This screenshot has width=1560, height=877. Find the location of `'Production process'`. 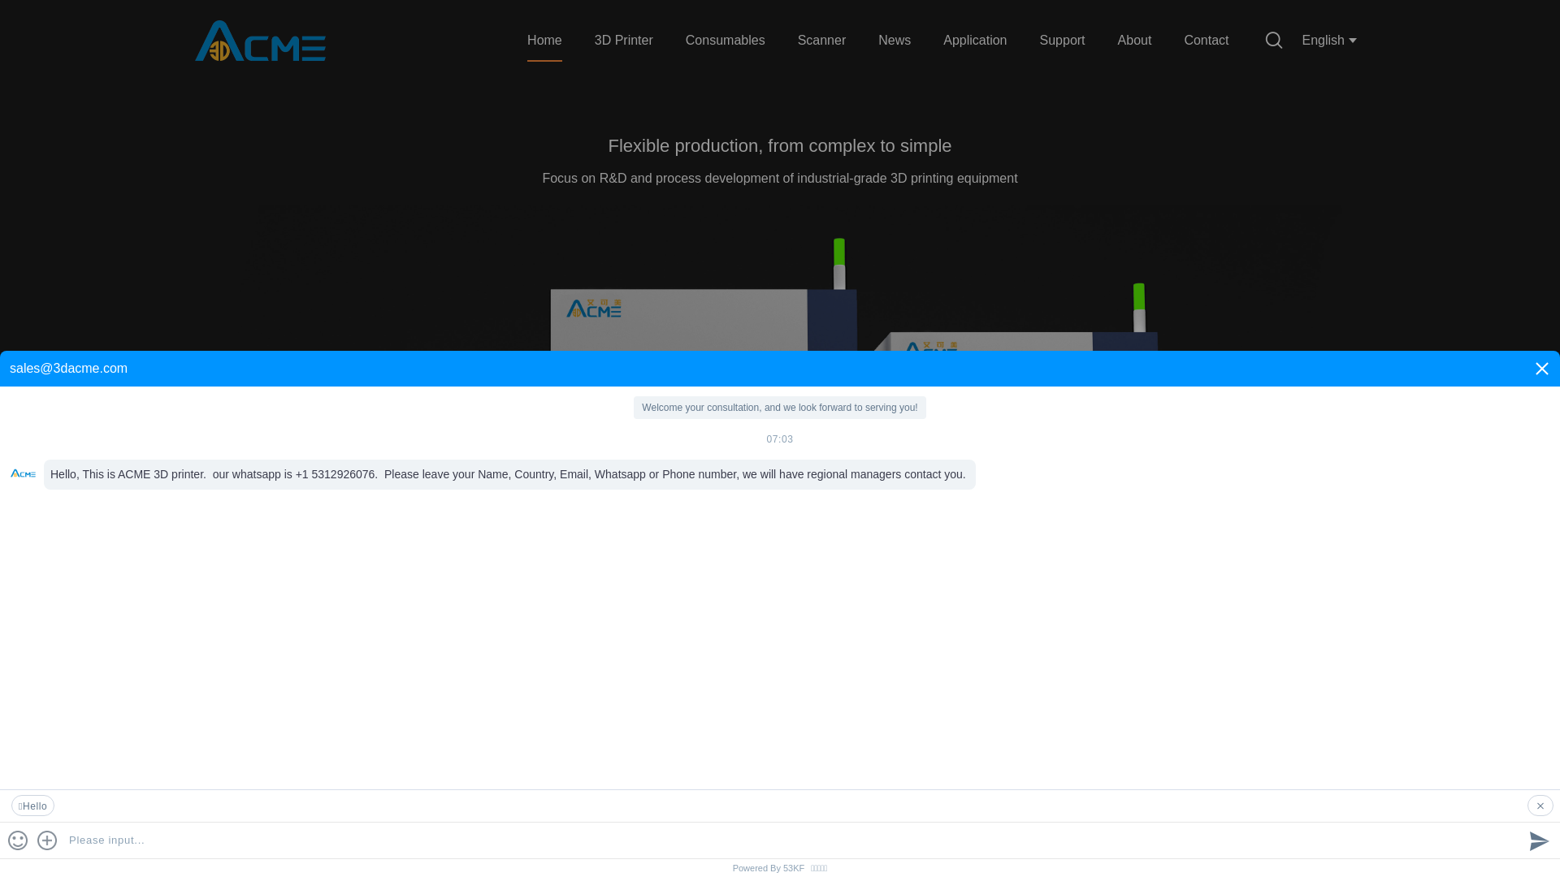

'Production process' is located at coordinates (1144, 835).